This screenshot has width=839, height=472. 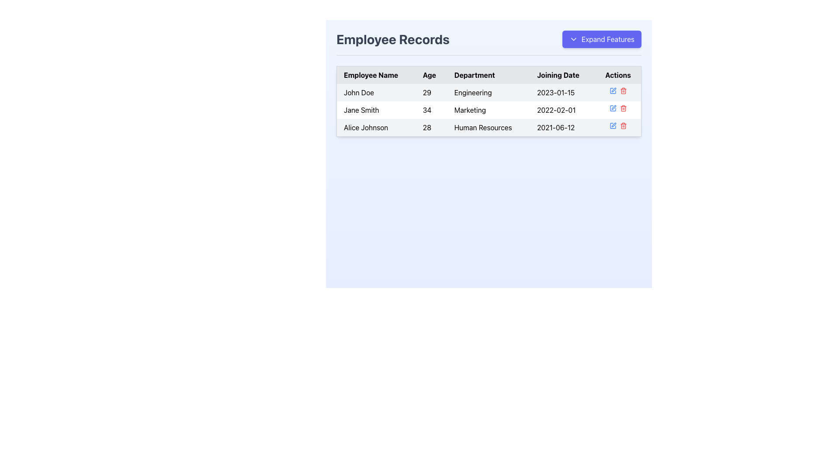 I want to click on 'Age' text label displaying '28' for employee 'Alice Johnson' located in the second column of the table, so click(x=431, y=128).